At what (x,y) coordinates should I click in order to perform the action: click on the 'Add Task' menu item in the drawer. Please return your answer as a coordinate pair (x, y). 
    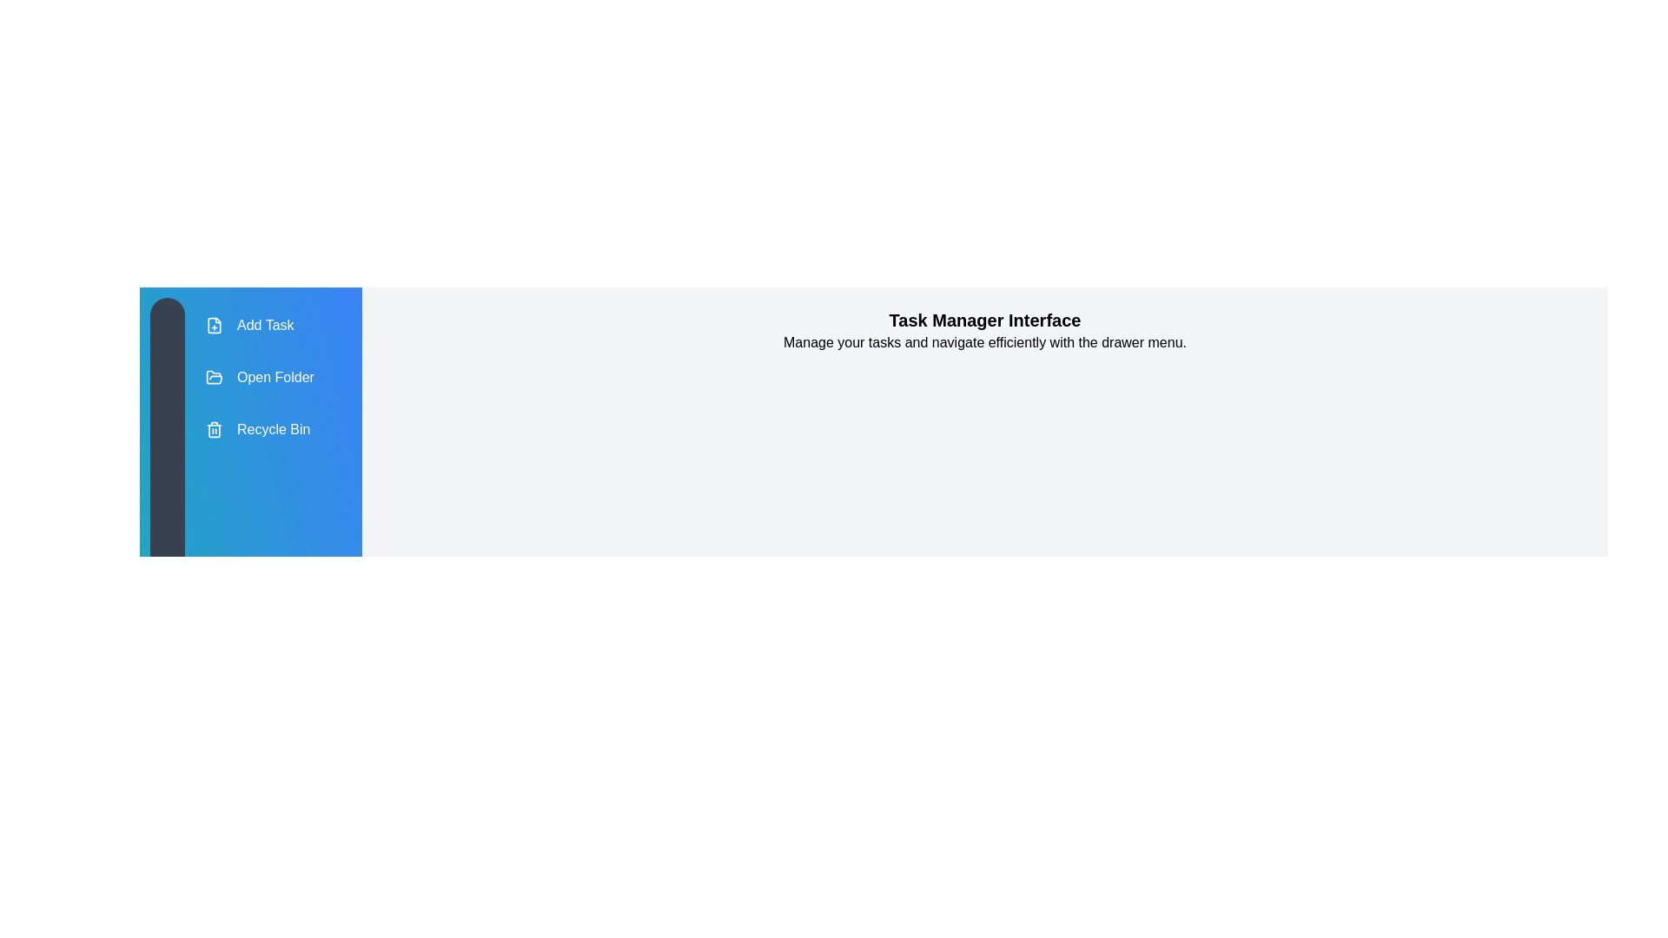
    Looking at the image, I should click on (258, 325).